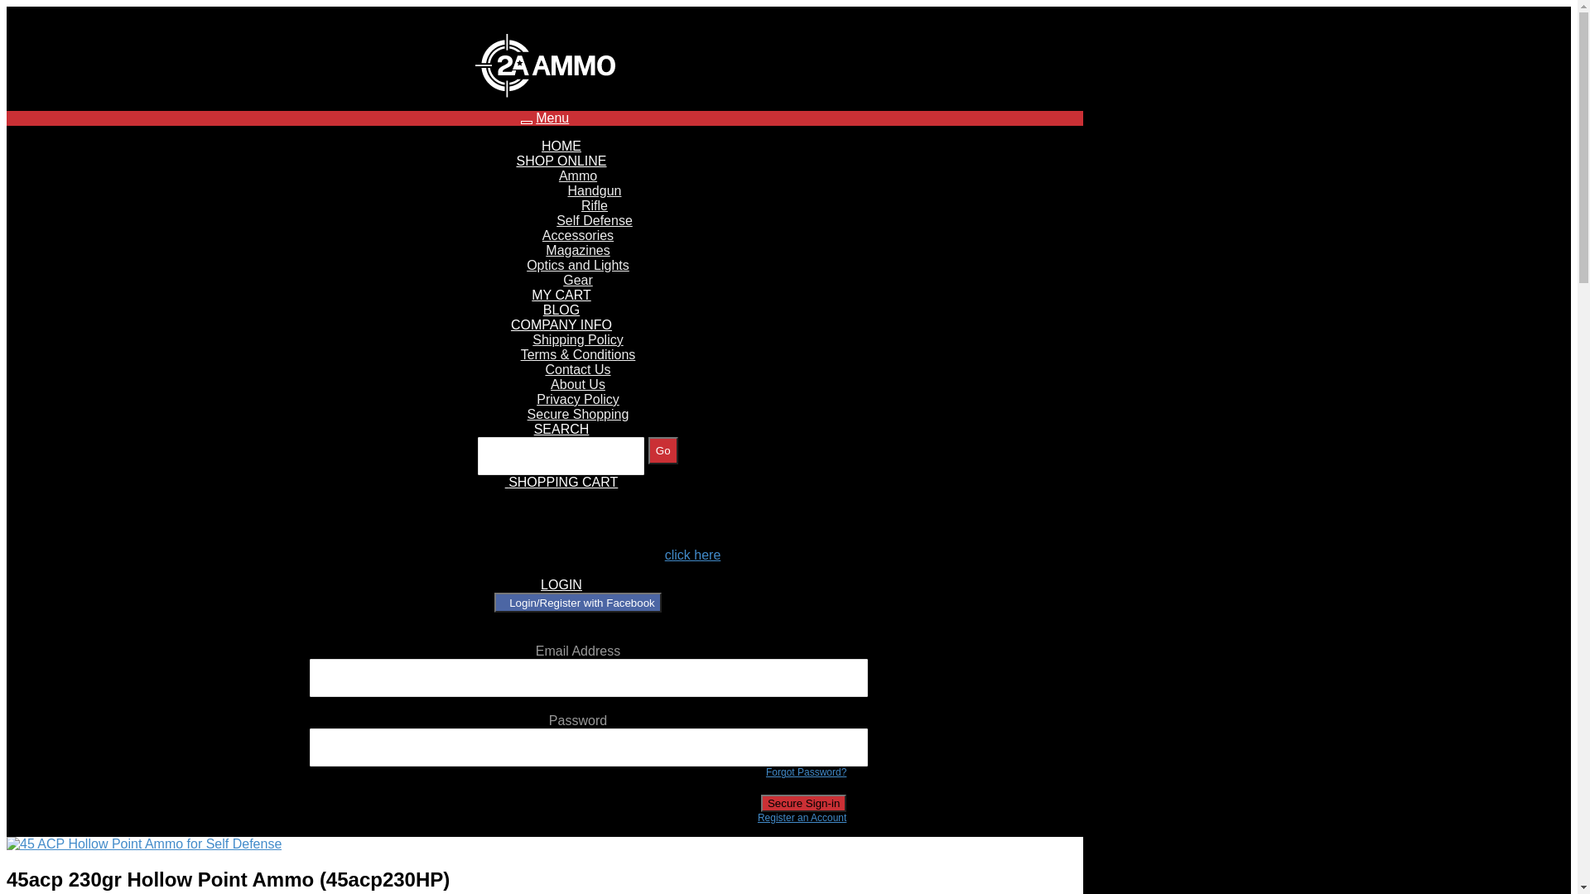 The height and width of the screenshot is (894, 1590). Describe the element at coordinates (577, 368) in the screenshot. I see `'Contact Us'` at that location.